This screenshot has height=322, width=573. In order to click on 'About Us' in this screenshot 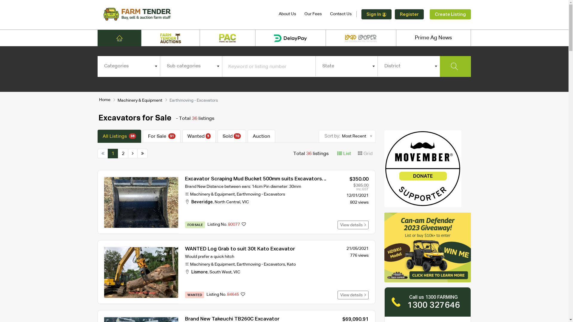, I will do `click(287, 13)`.